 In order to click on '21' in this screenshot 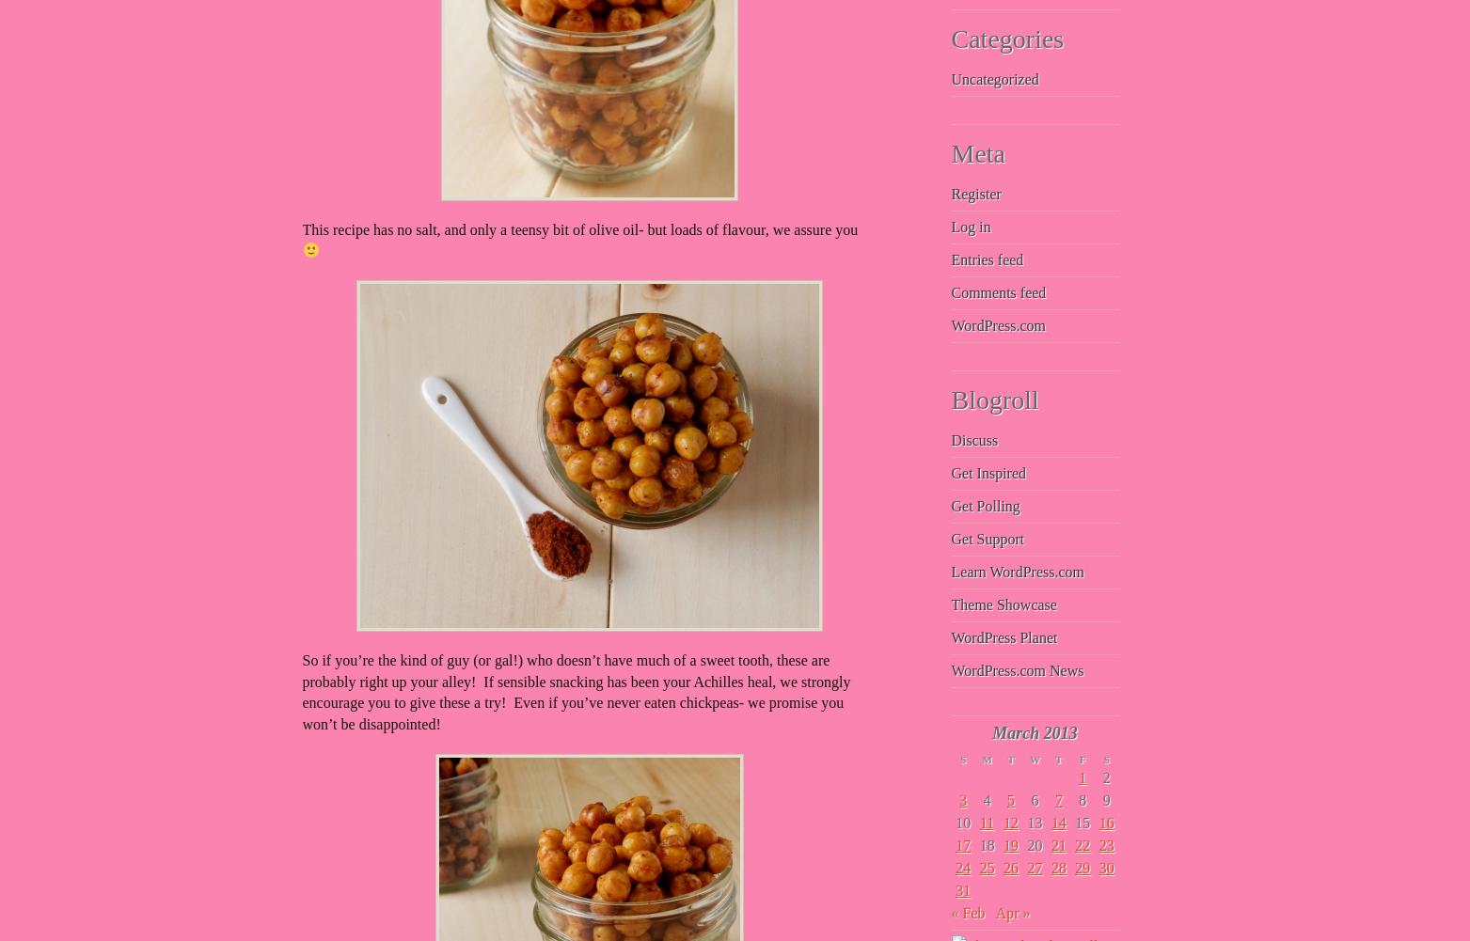, I will do `click(1050, 845)`.